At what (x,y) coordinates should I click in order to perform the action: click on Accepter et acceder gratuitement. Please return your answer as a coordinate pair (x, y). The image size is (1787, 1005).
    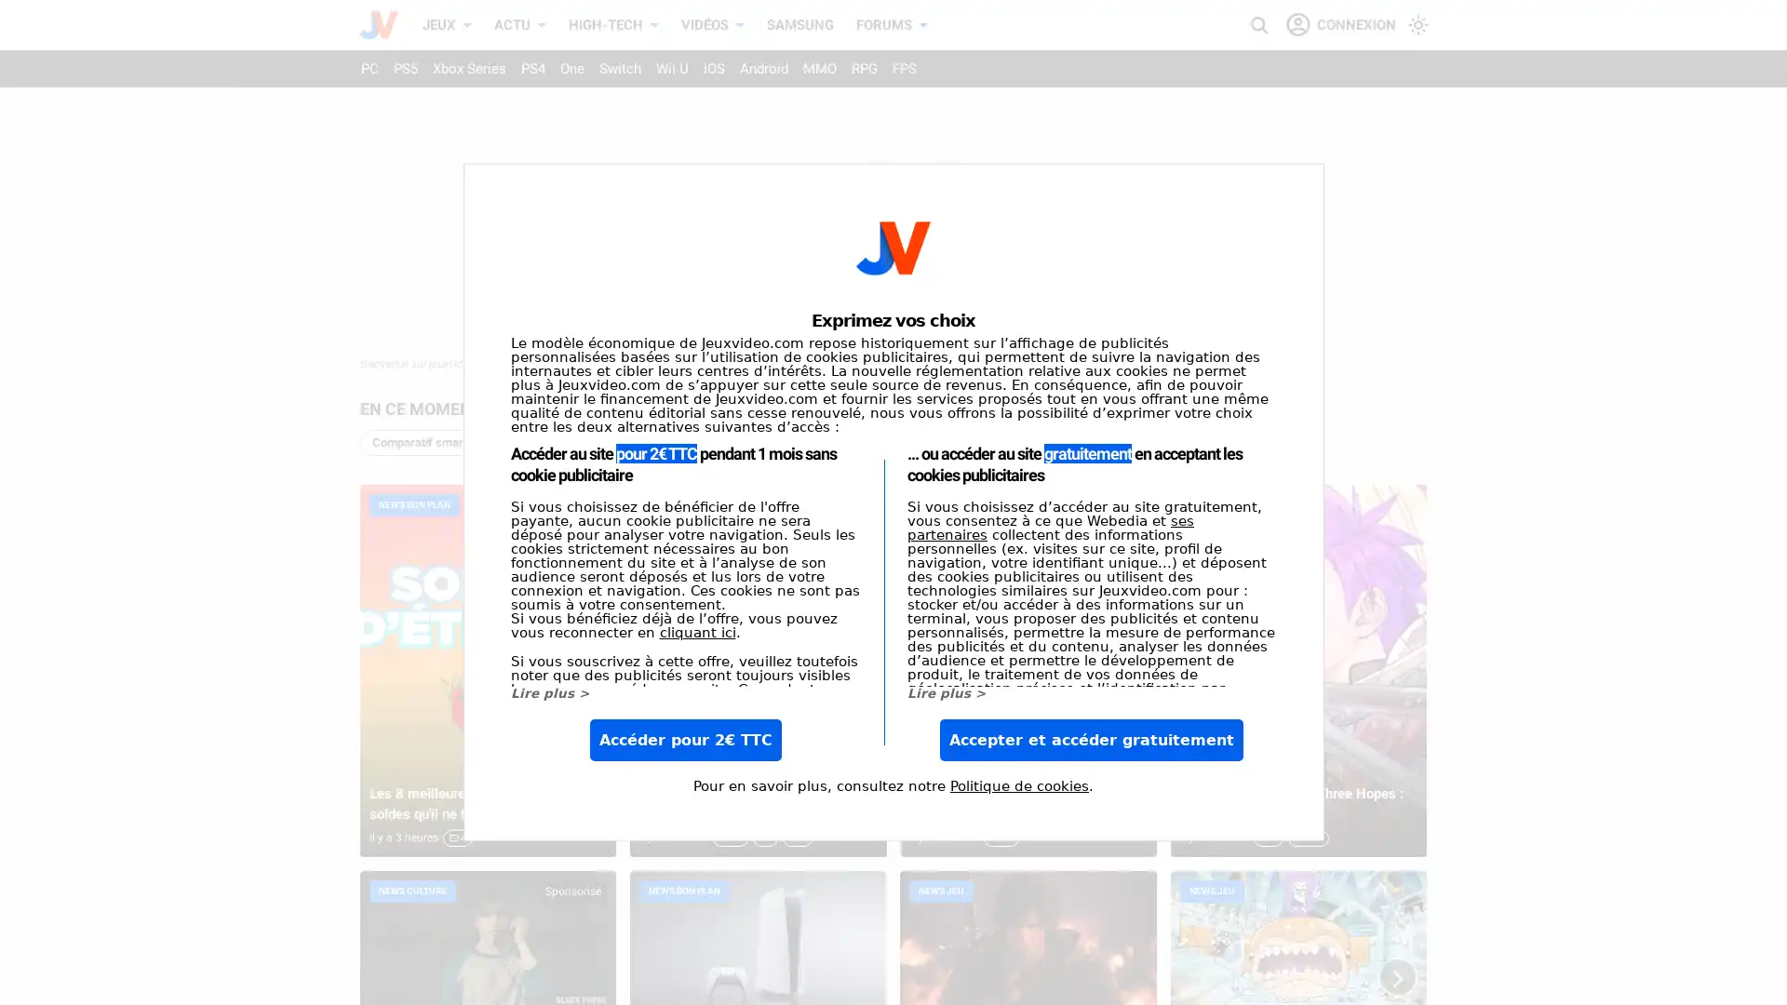
    Looking at the image, I should click on (1091, 739).